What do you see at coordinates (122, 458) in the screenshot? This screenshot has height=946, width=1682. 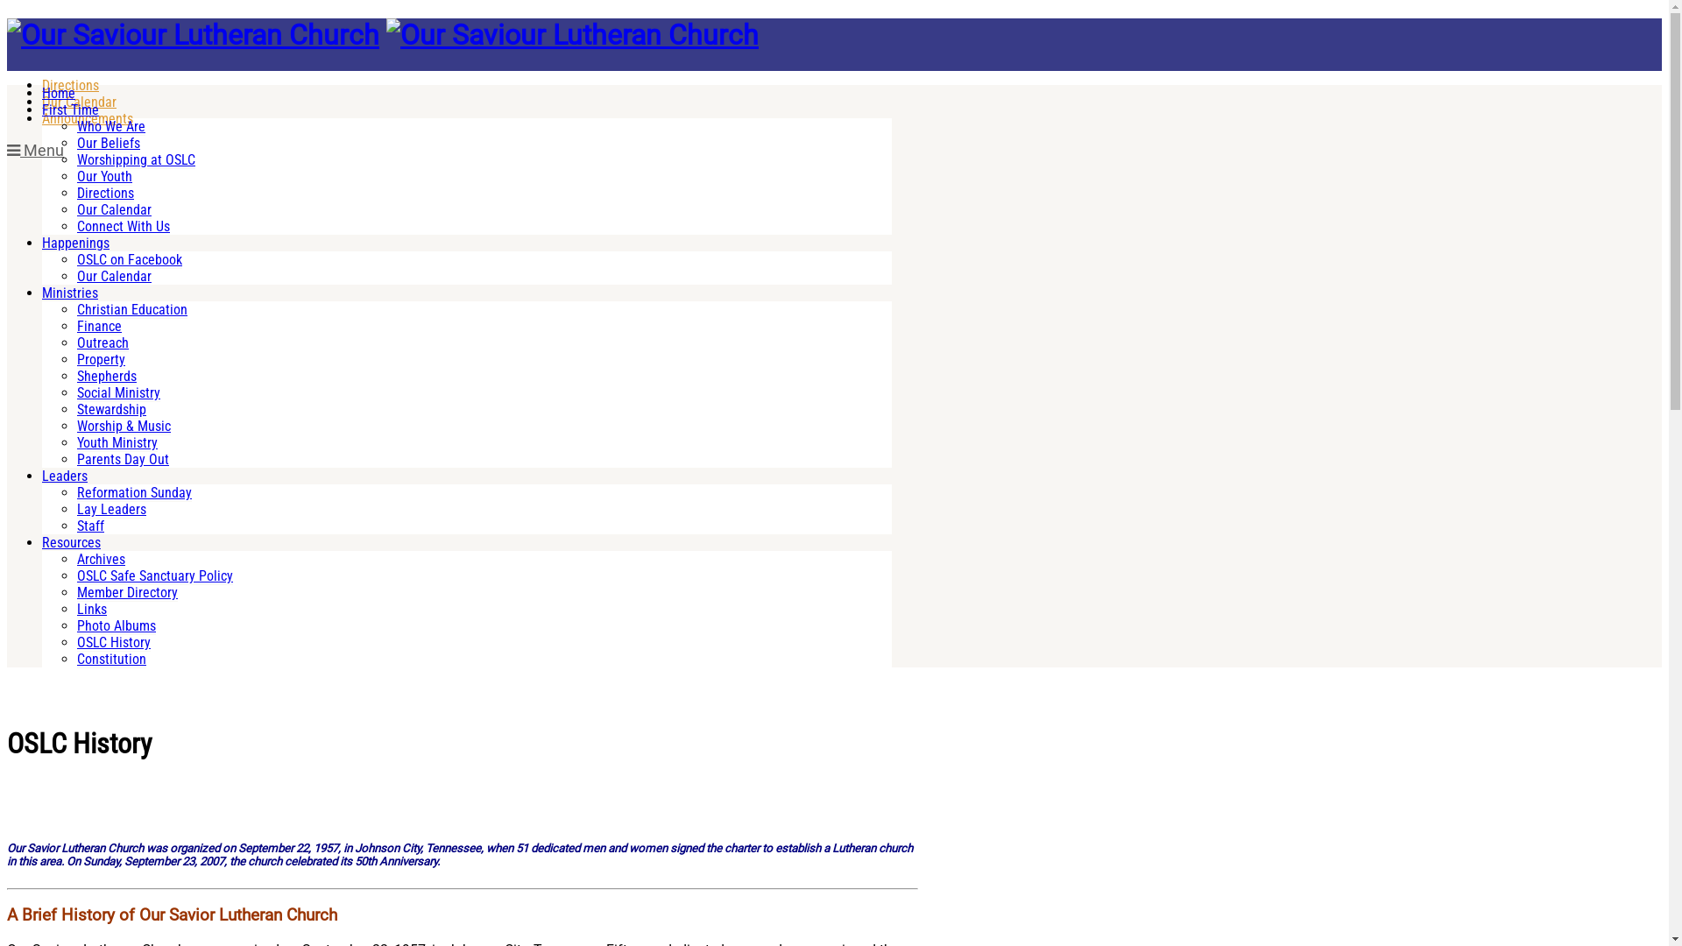 I see `'Parents Day Out'` at bounding box center [122, 458].